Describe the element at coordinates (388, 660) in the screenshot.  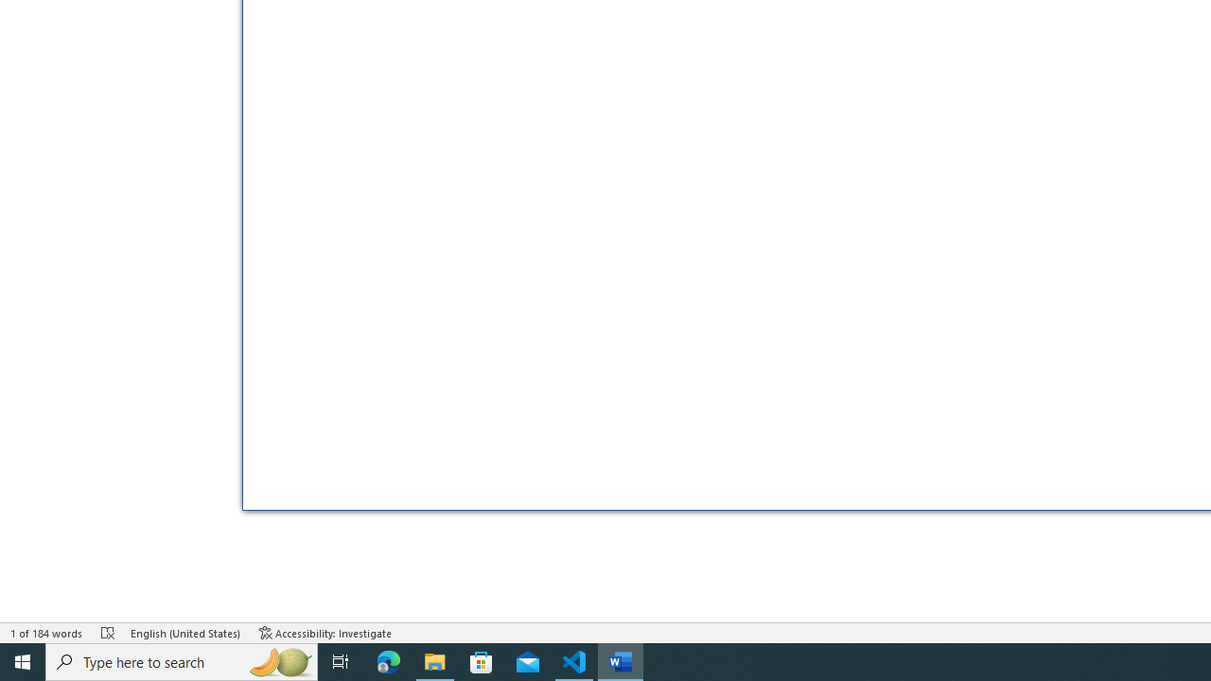
I see `'Microsoft Edge'` at that location.